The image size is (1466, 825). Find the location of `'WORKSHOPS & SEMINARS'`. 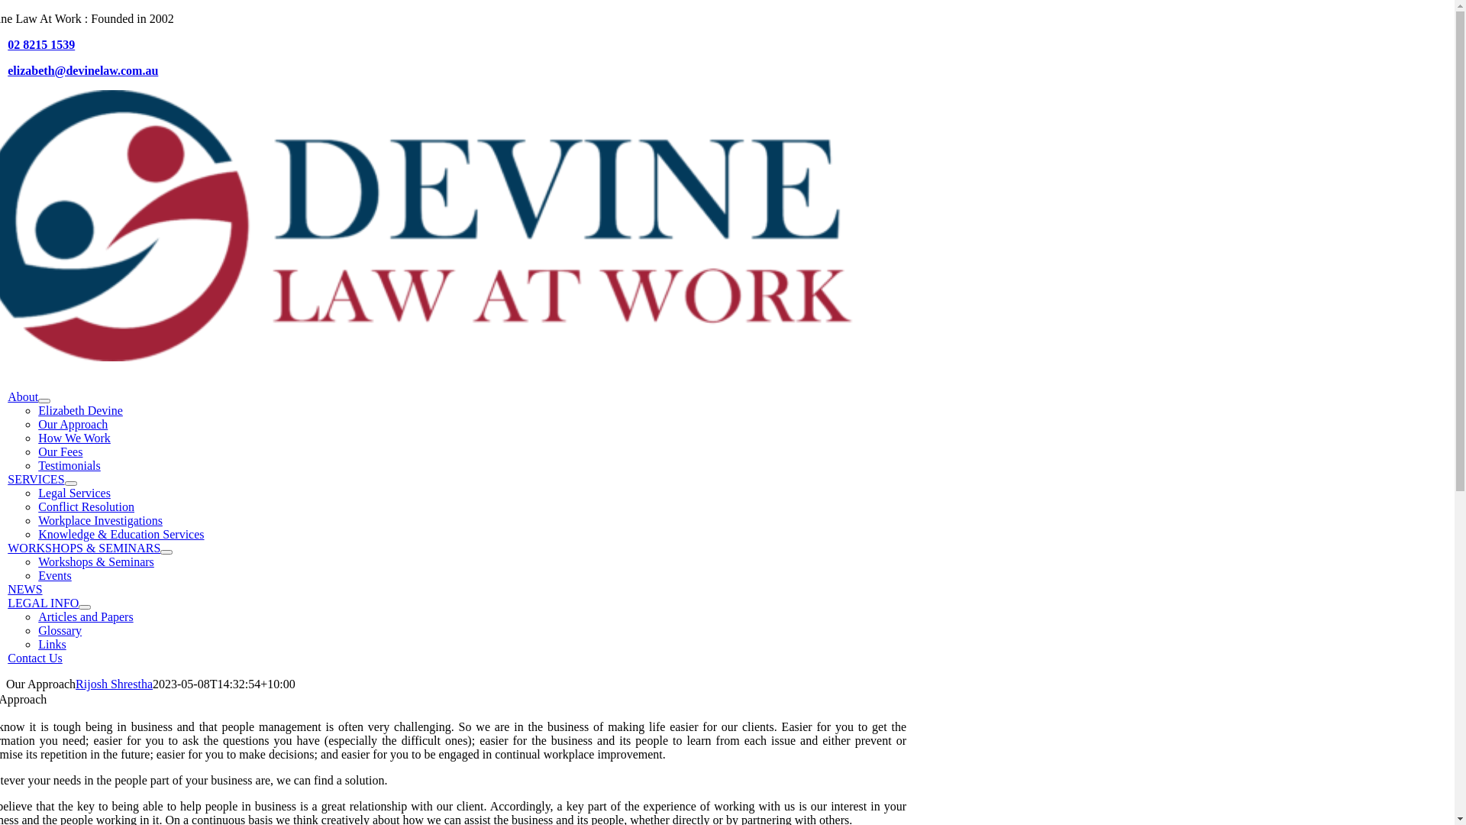

'WORKSHOPS & SEMINARS' is located at coordinates (83, 547).